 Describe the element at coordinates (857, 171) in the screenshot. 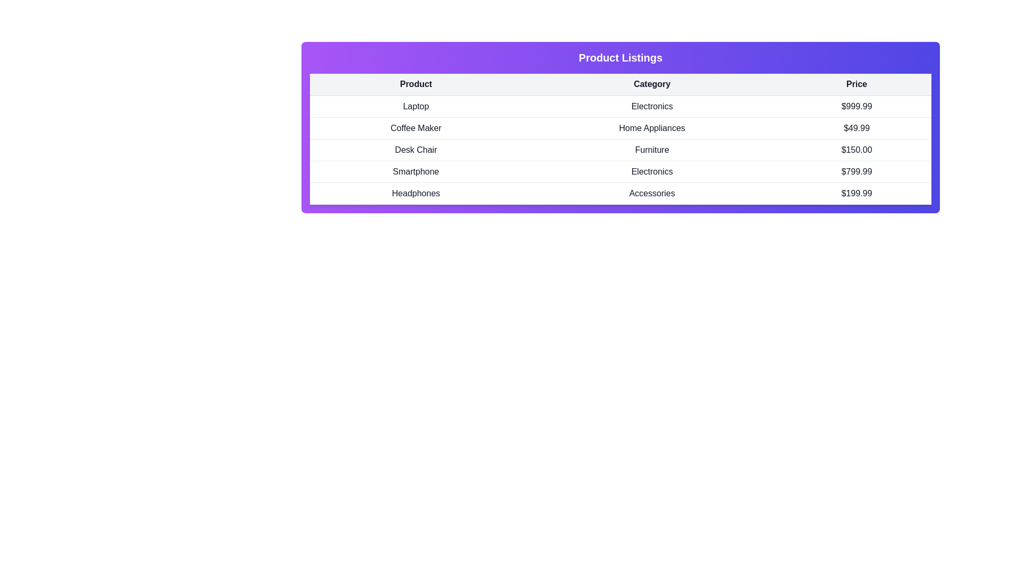

I see `the Text Label displaying the price '$799.99' in the rightmost column of the row for the 'Smartphone' product` at that location.